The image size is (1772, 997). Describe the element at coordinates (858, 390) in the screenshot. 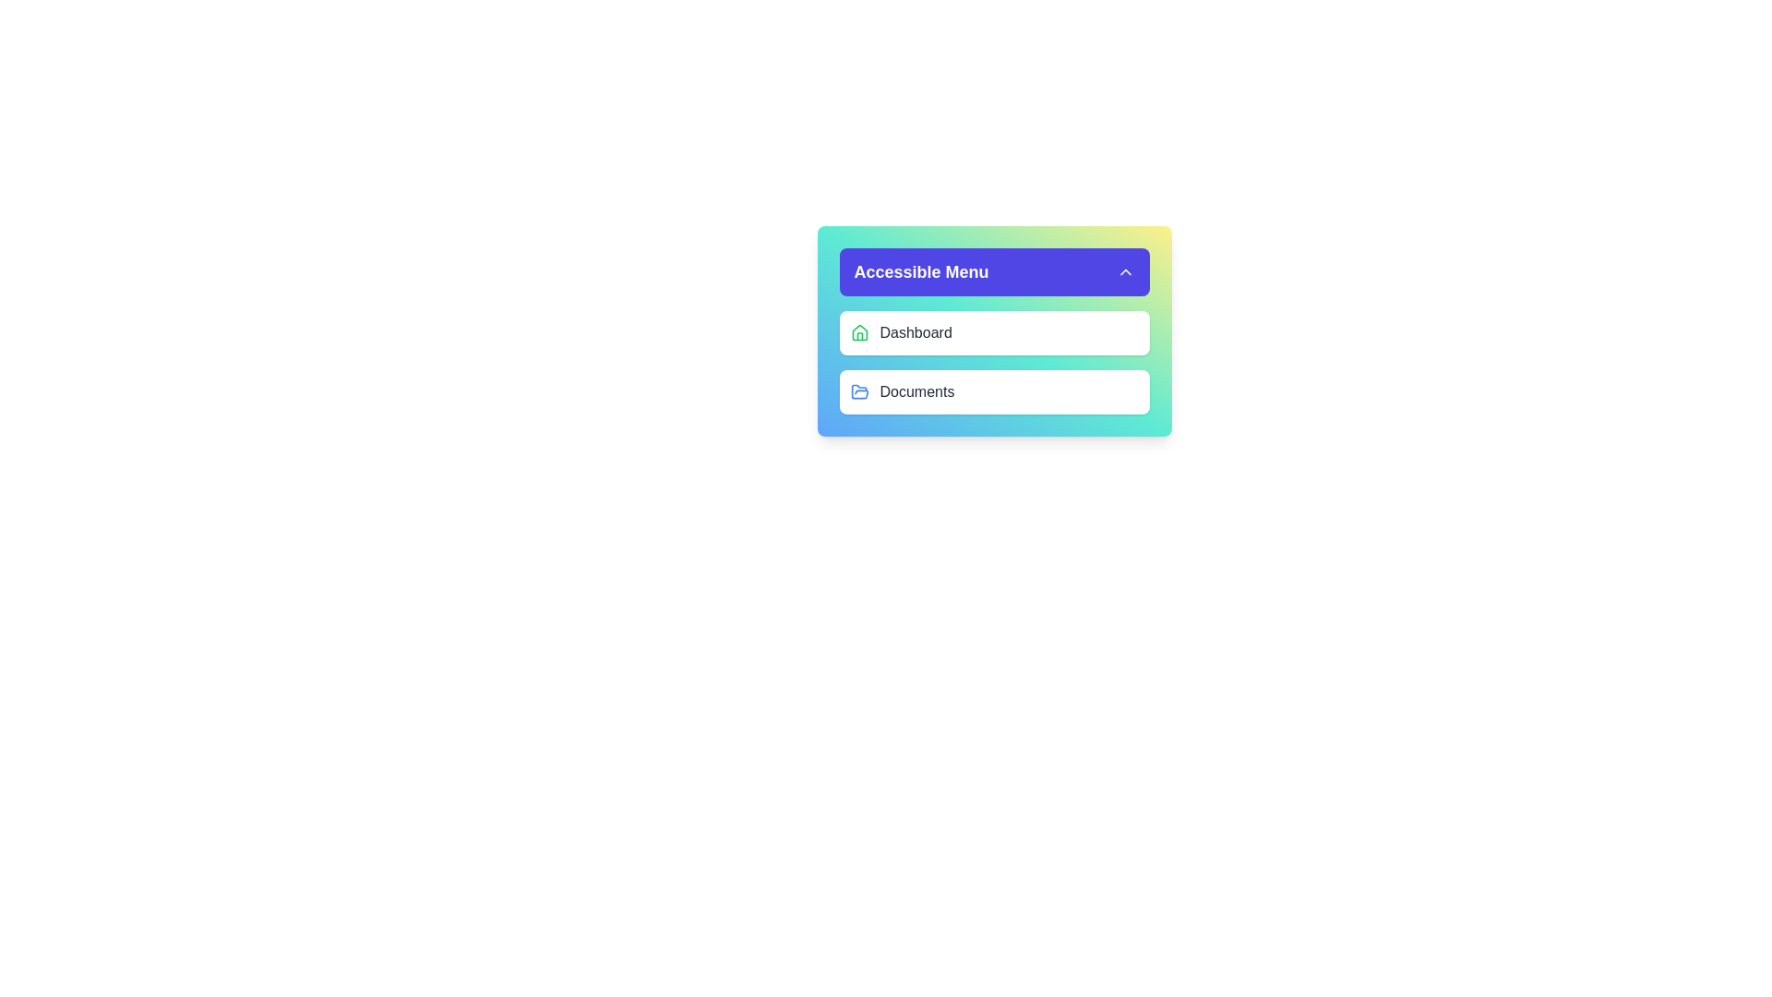

I see `the blue folder icon located to the left of the 'Documents' label within the white rounded rectangular component, which is below the 'Dashboard' entry` at that location.